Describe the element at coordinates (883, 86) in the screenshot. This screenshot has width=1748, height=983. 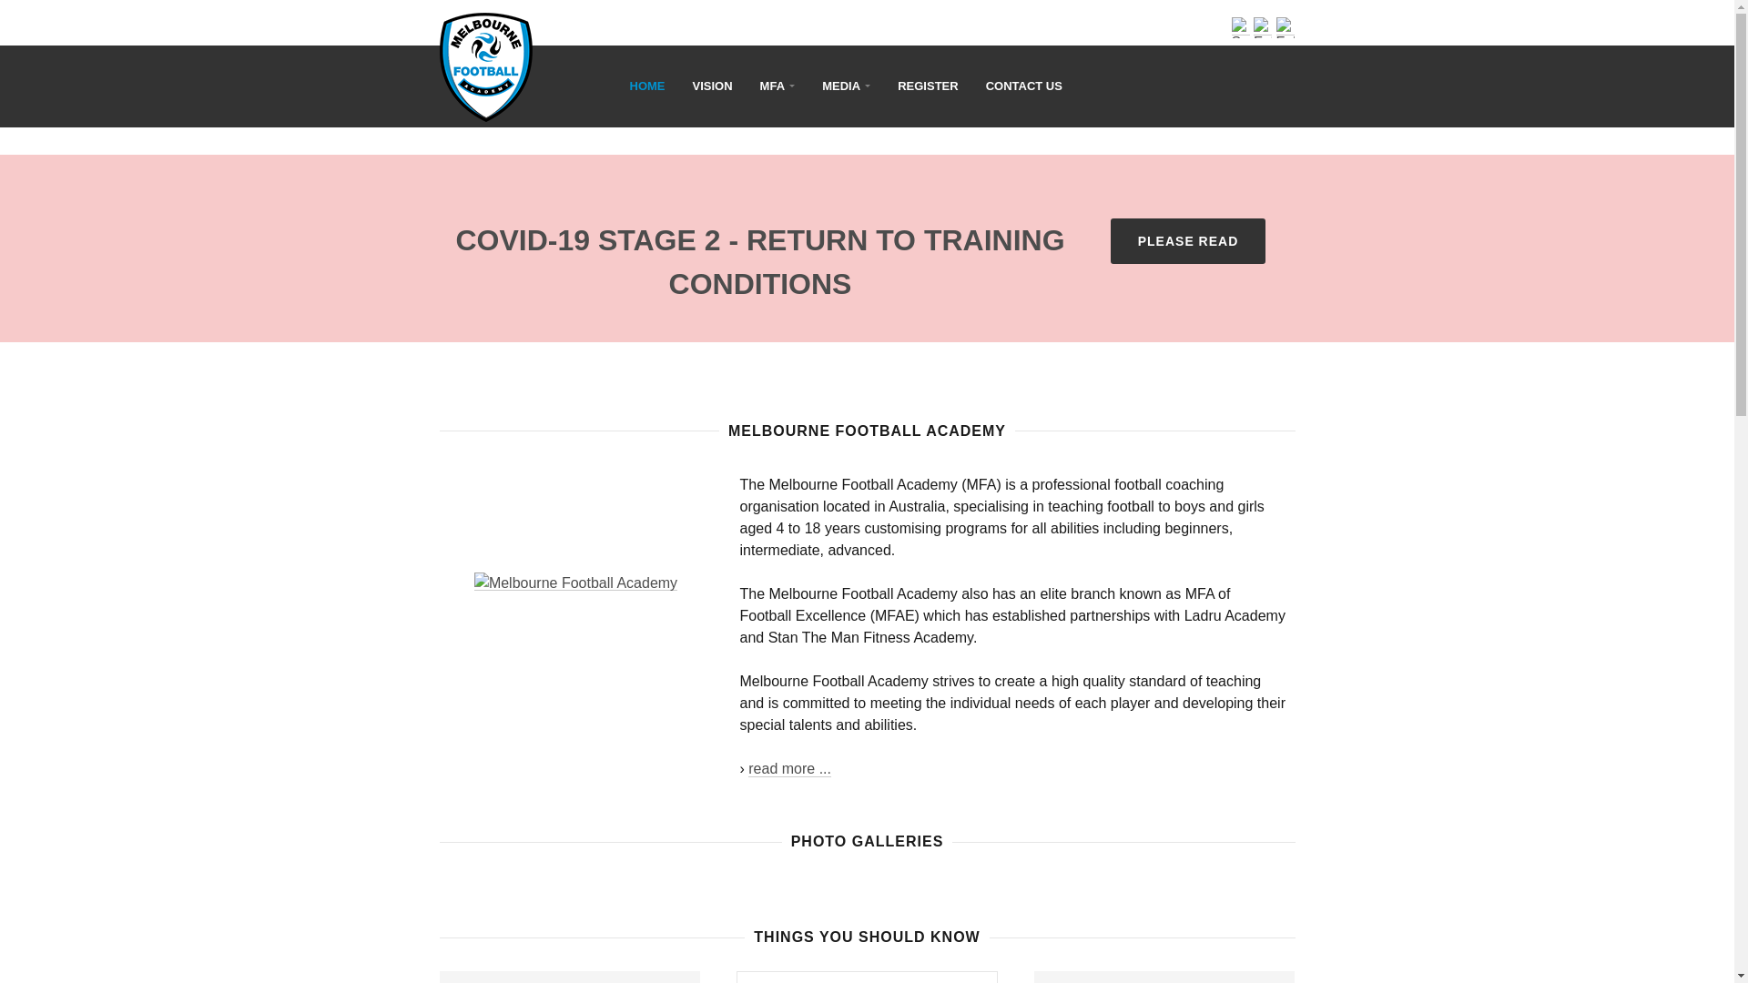
I see `'REGISTER'` at that location.